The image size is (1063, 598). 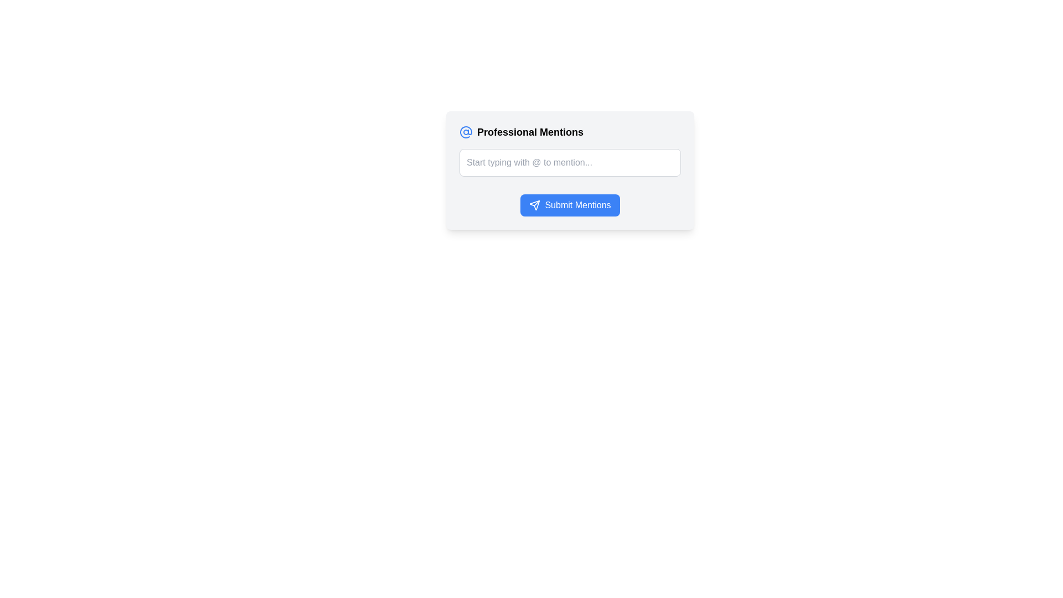 I want to click on the text input that allows users to mention others by typing '@', located beneath 'Professional Mentions' and above the 'Submit Mentions' button, so click(x=570, y=162).